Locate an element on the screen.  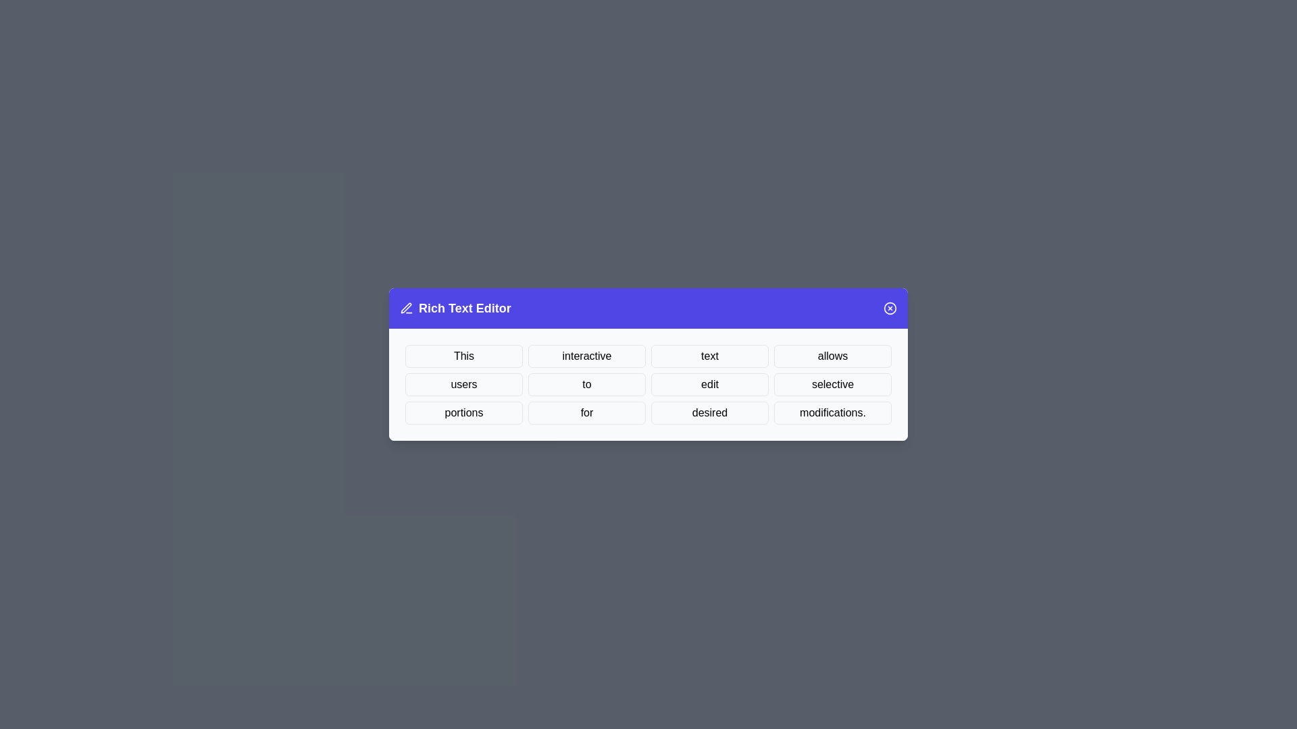
the word text to select it is located at coordinates (709, 356).